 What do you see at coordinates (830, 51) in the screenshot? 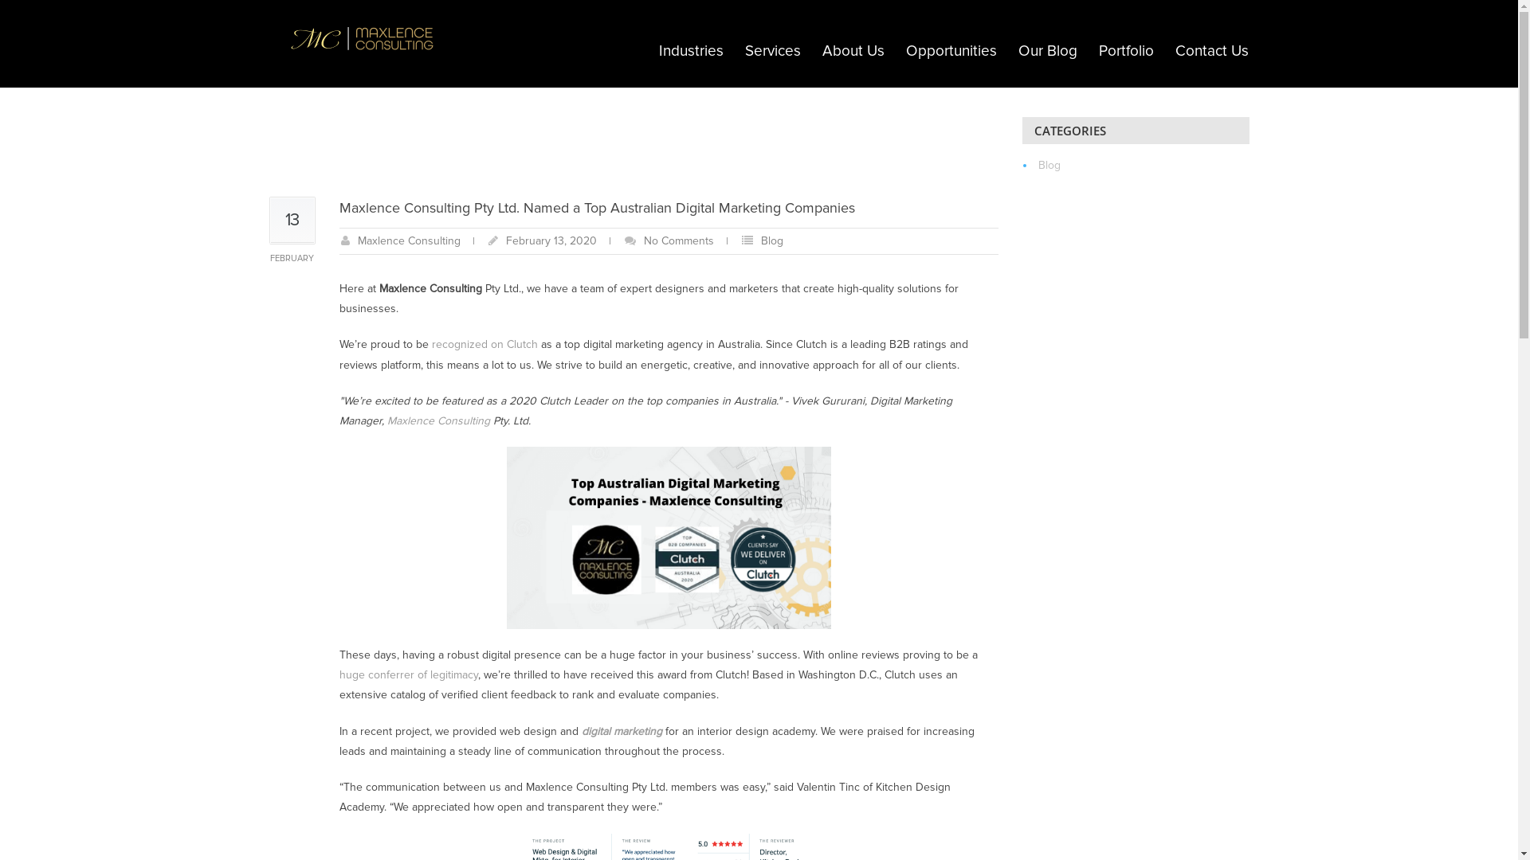
I see `'Blog'` at bounding box center [830, 51].